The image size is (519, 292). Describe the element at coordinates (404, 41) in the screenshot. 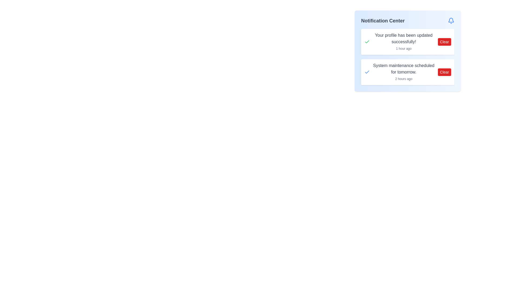

I see `the static text display that shows the message 'Your profile has been updated successfully!' located in the top notification card under the 'Notification Center' section` at that location.